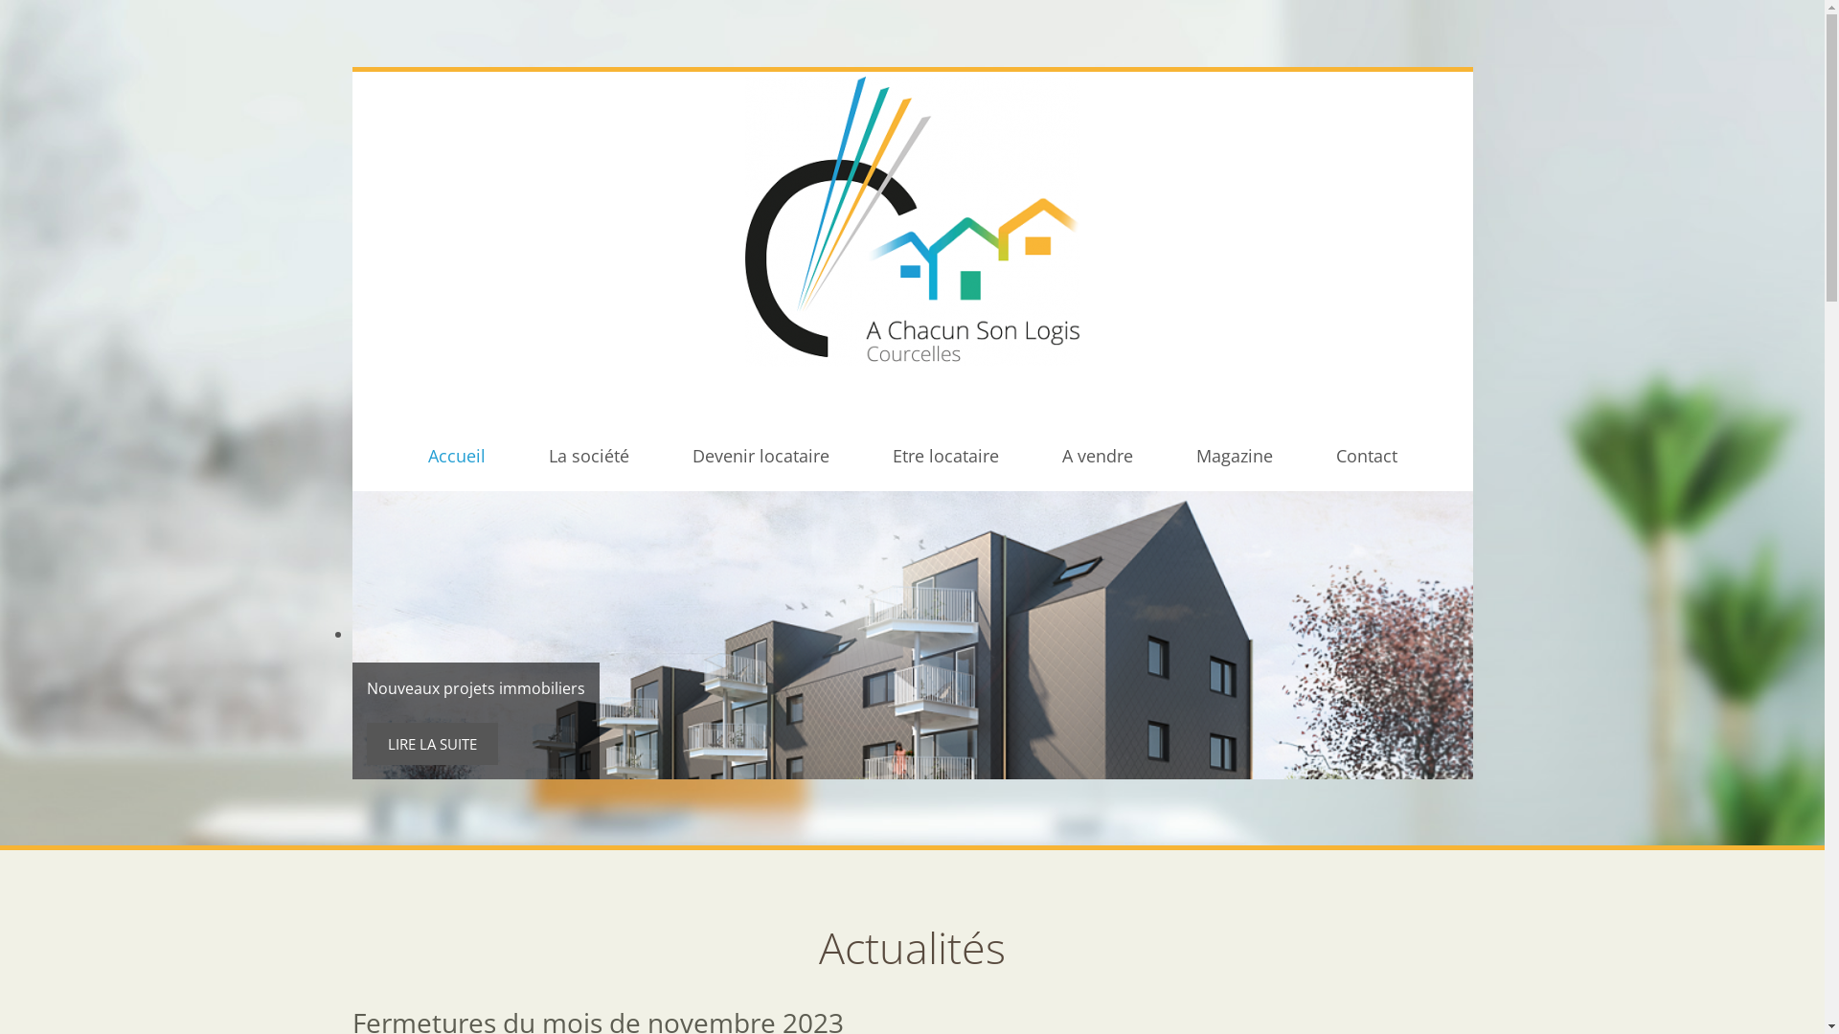 This screenshot has height=1034, width=1839. I want to click on 'Magazine', so click(1233, 455).